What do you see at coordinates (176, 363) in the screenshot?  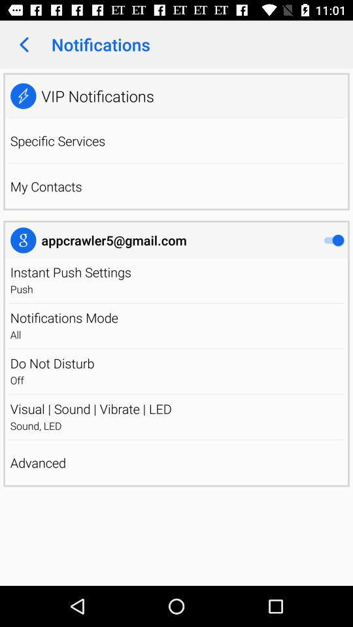 I see `item above off app` at bounding box center [176, 363].